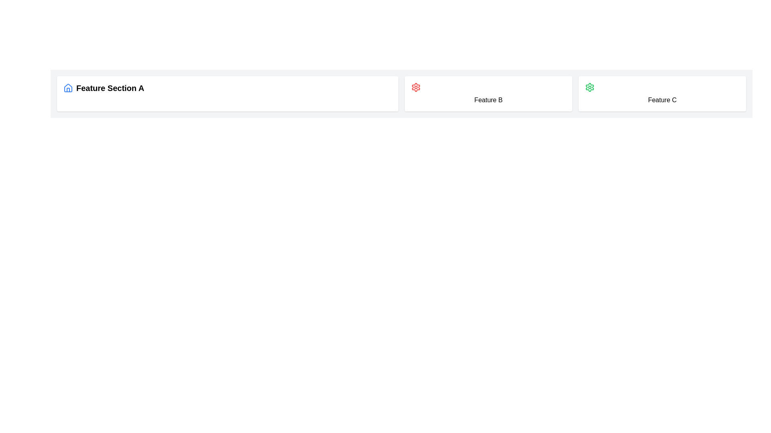 This screenshot has width=771, height=433. Describe the element at coordinates (416, 87) in the screenshot. I see `the gear icon` at that location.